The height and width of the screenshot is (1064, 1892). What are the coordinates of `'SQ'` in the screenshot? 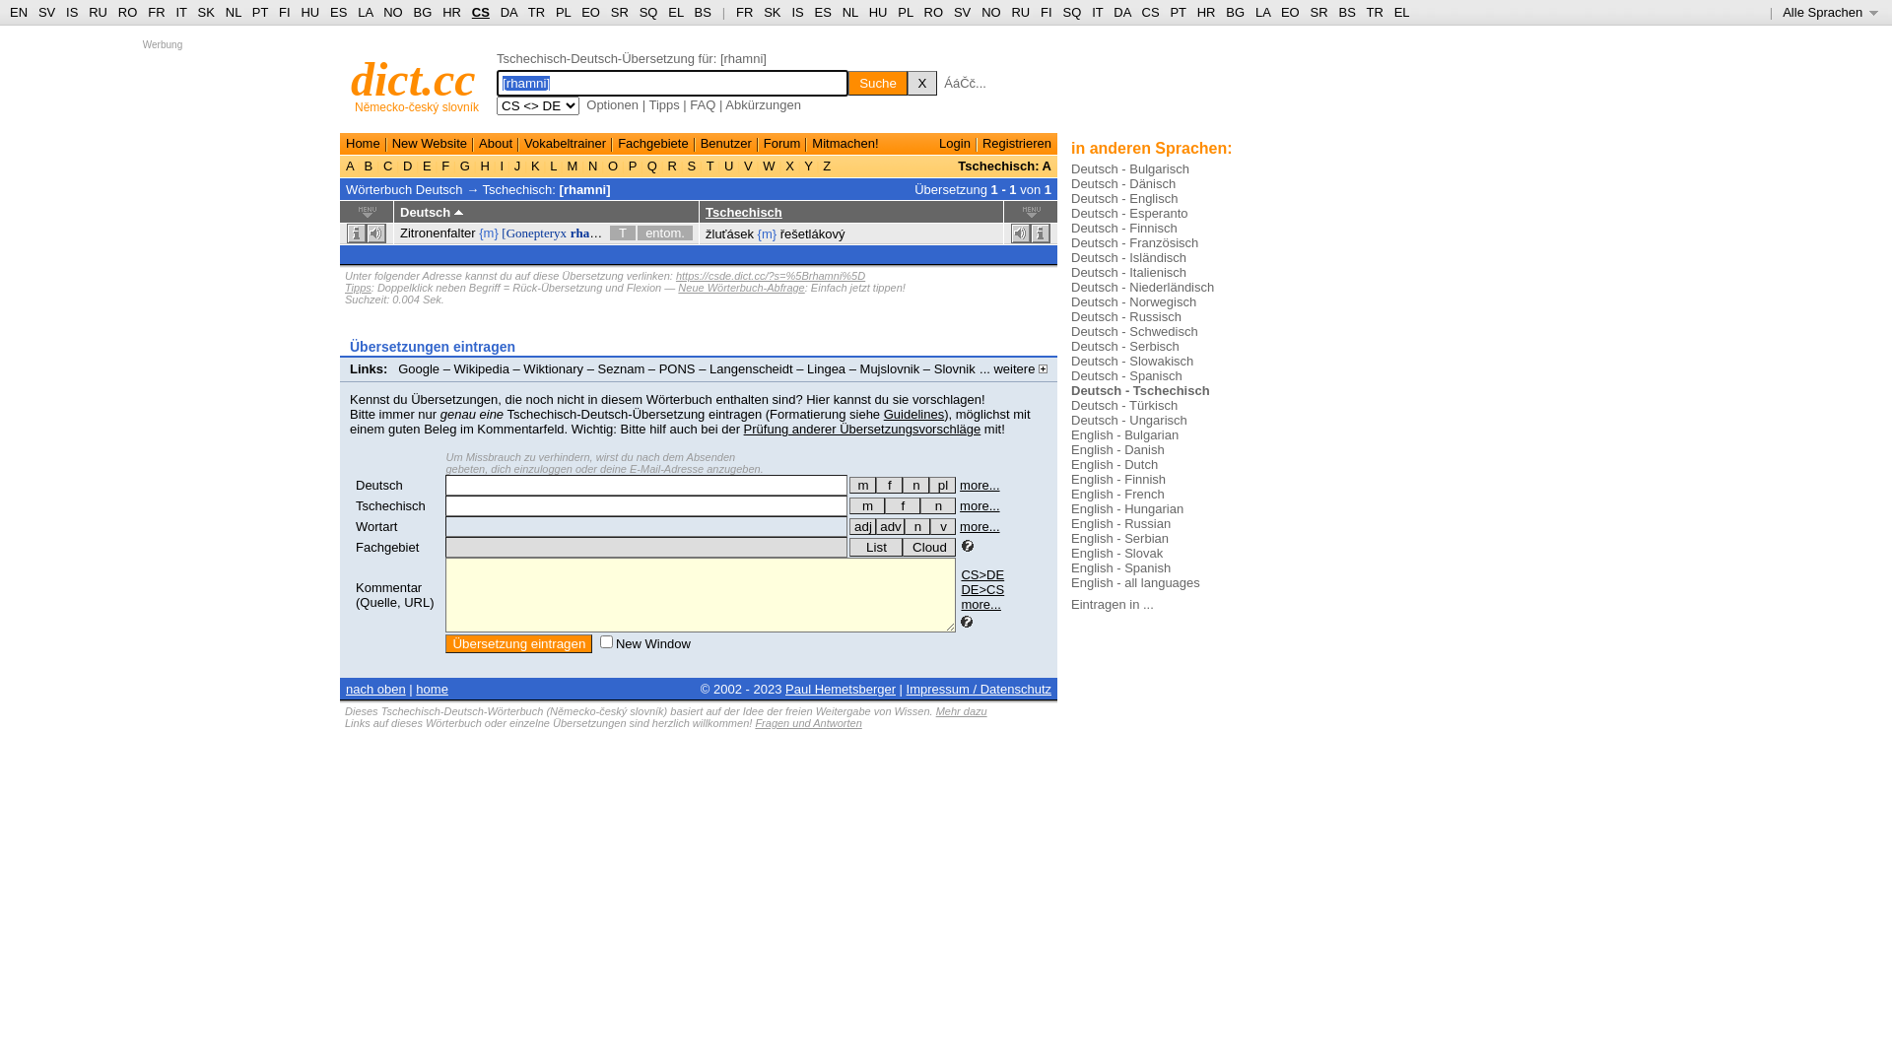 It's located at (1070, 12).